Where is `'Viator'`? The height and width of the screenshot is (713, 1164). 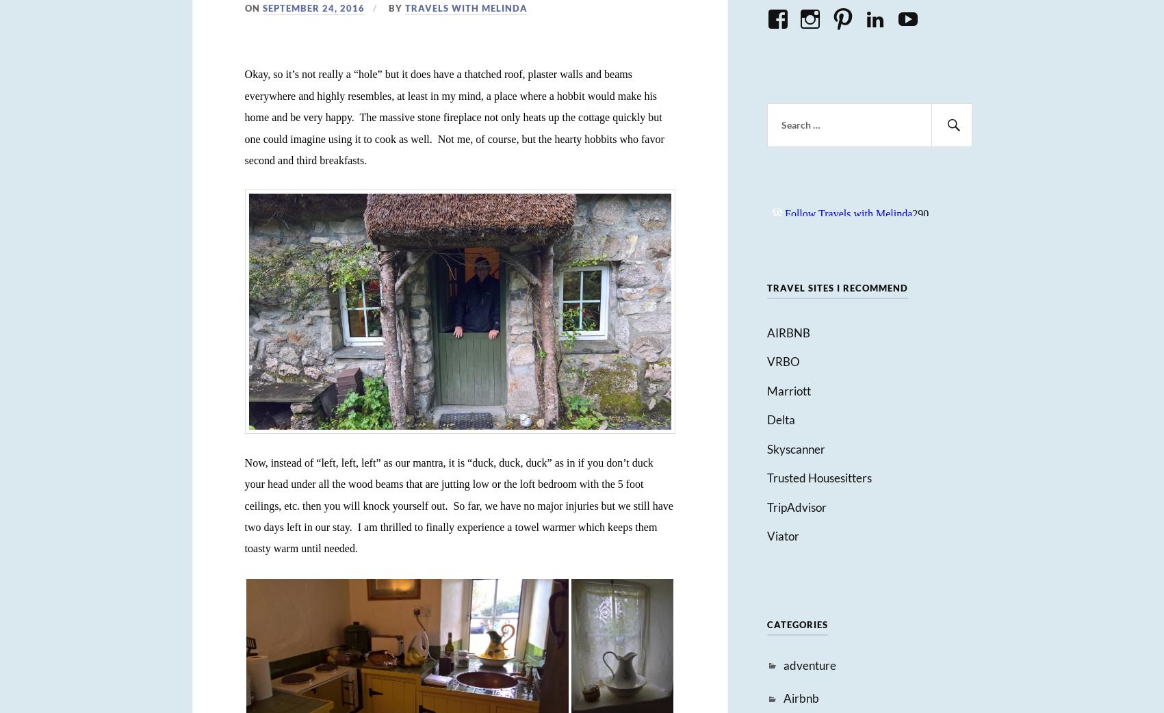
'Viator' is located at coordinates (781, 536).